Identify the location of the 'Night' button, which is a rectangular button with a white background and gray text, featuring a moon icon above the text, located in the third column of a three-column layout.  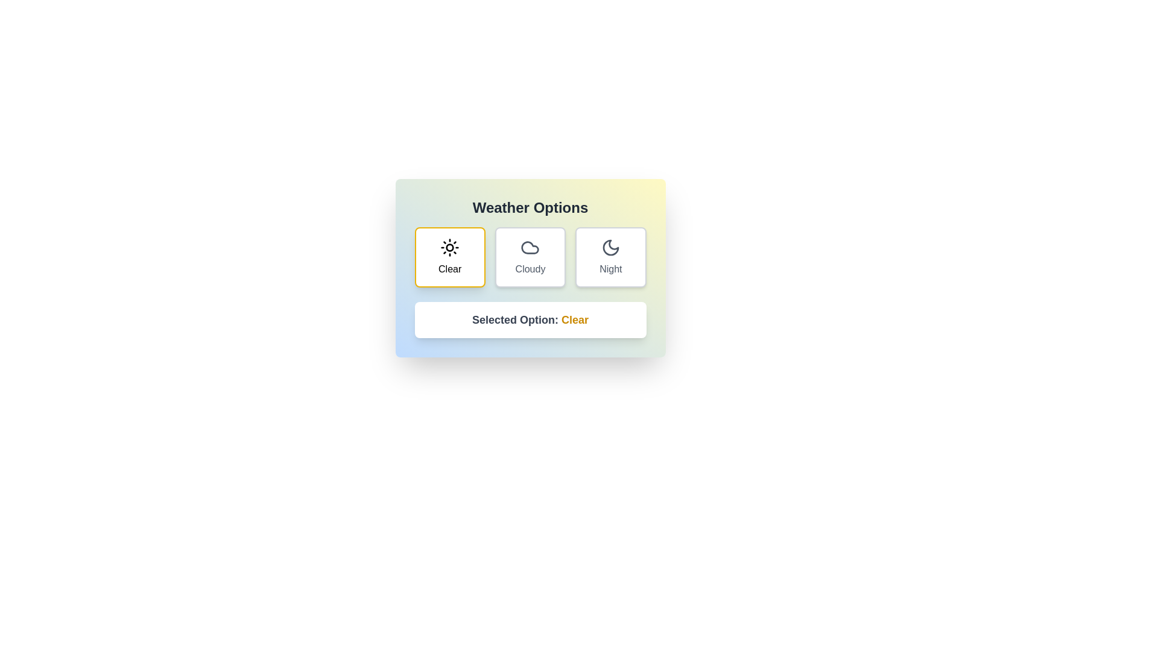
(610, 257).